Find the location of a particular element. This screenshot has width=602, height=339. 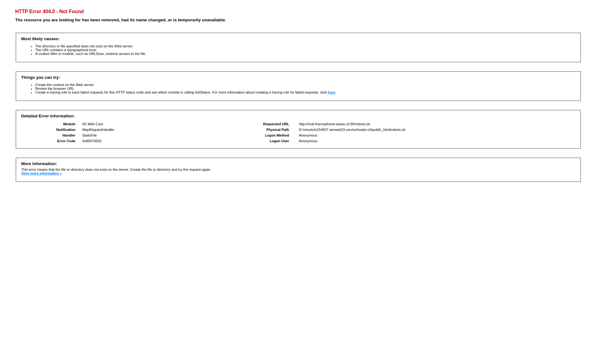

'here' is located at coordinates (331, 92).